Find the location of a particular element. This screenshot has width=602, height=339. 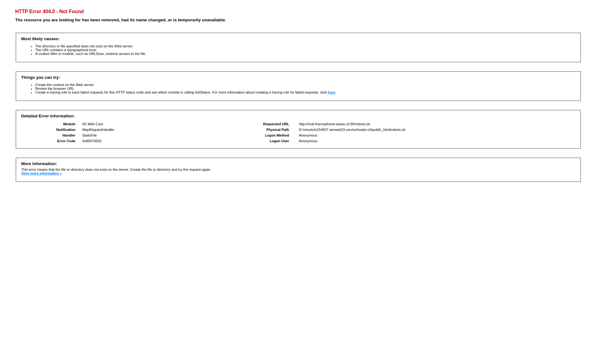

'here' is located at coordinates (331, 92).